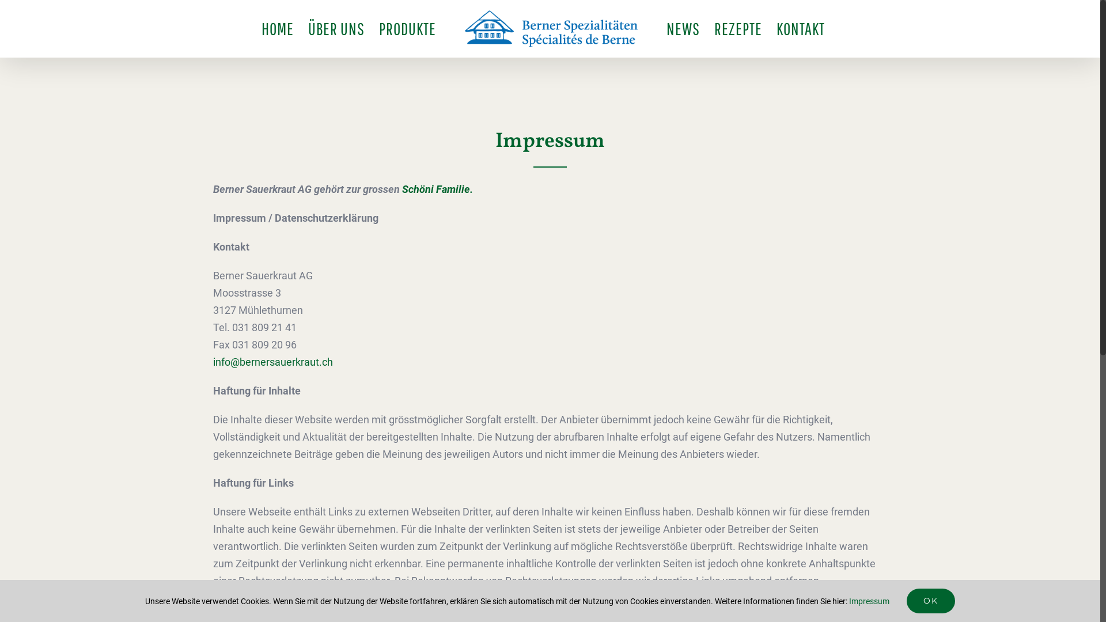 The height and width of the screenshot is (622, 1106). I want to click on 'HOME', so click(261, 28).